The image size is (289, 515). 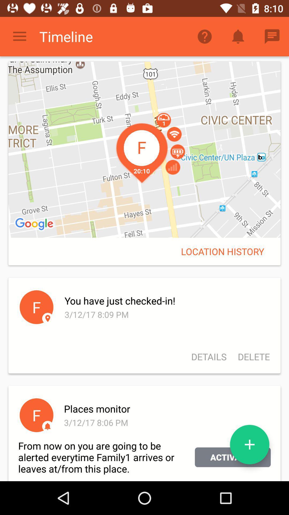 What do you see at coordinates (204, 36) in the screenshot?
I see `the icon next to timeline item` at bounding box center [204, 36].